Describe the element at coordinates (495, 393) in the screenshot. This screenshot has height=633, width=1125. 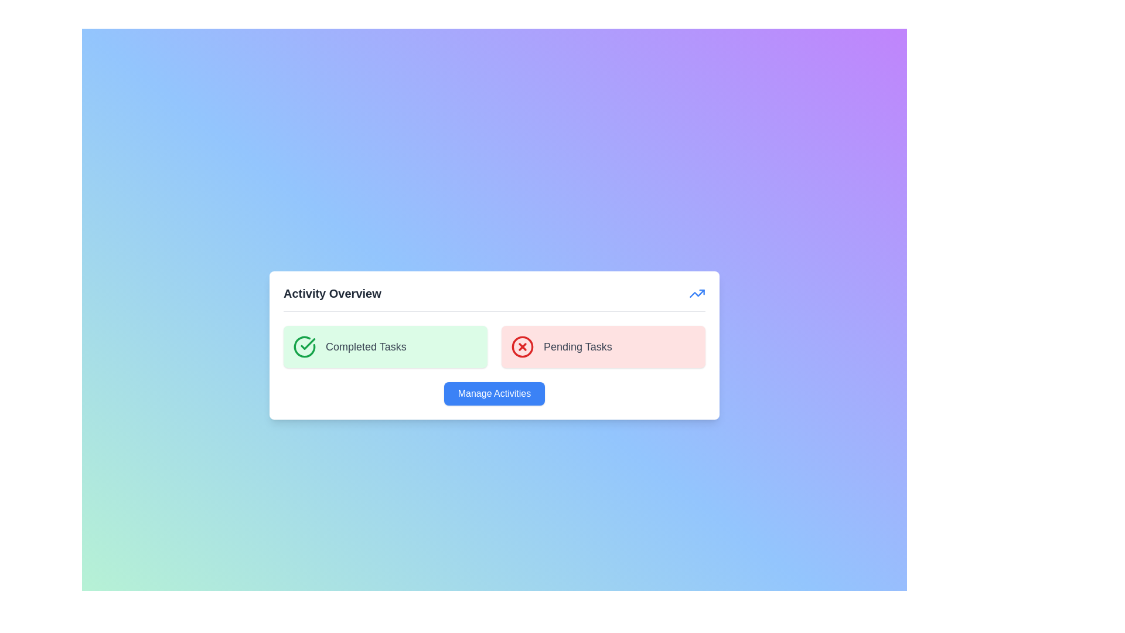
I see `the interactive button located below the 'Completed Tasks' and 'Pending Tasks' sections` at that location.